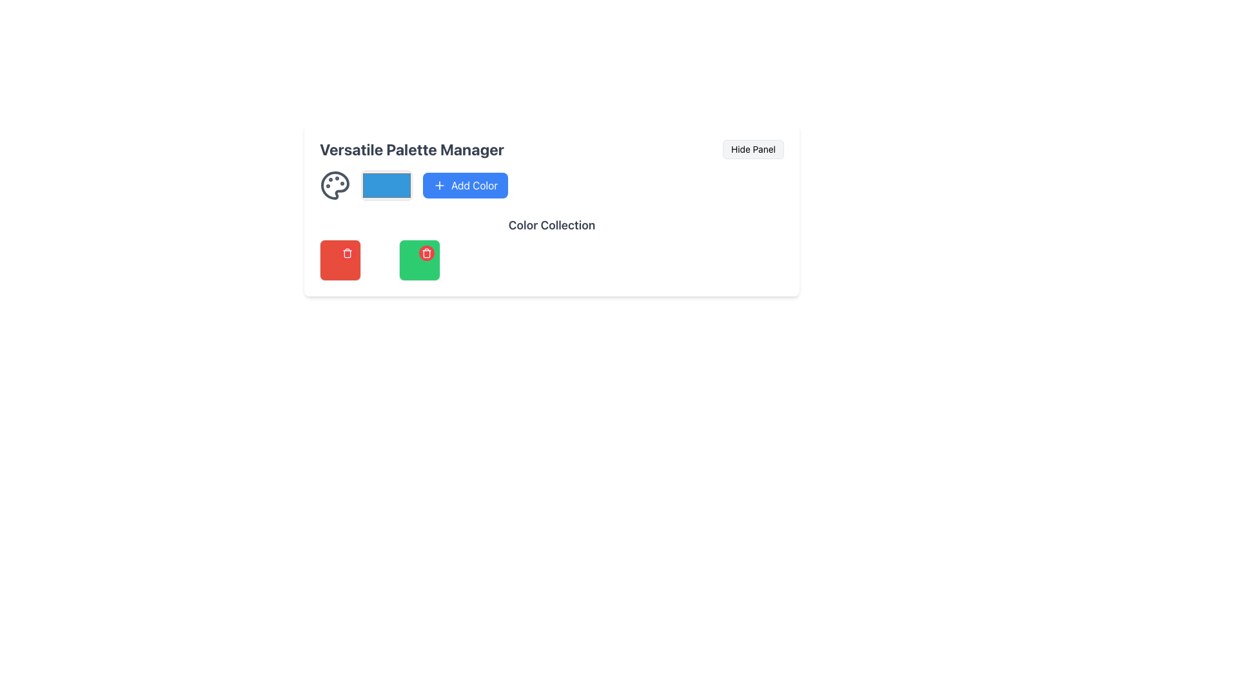  Describe the element at coordinates (419, 260) in the screenshot. I see `the red trash icon located at the top-right corner of the green color item in the second row, second column of the grid layout` at that location.